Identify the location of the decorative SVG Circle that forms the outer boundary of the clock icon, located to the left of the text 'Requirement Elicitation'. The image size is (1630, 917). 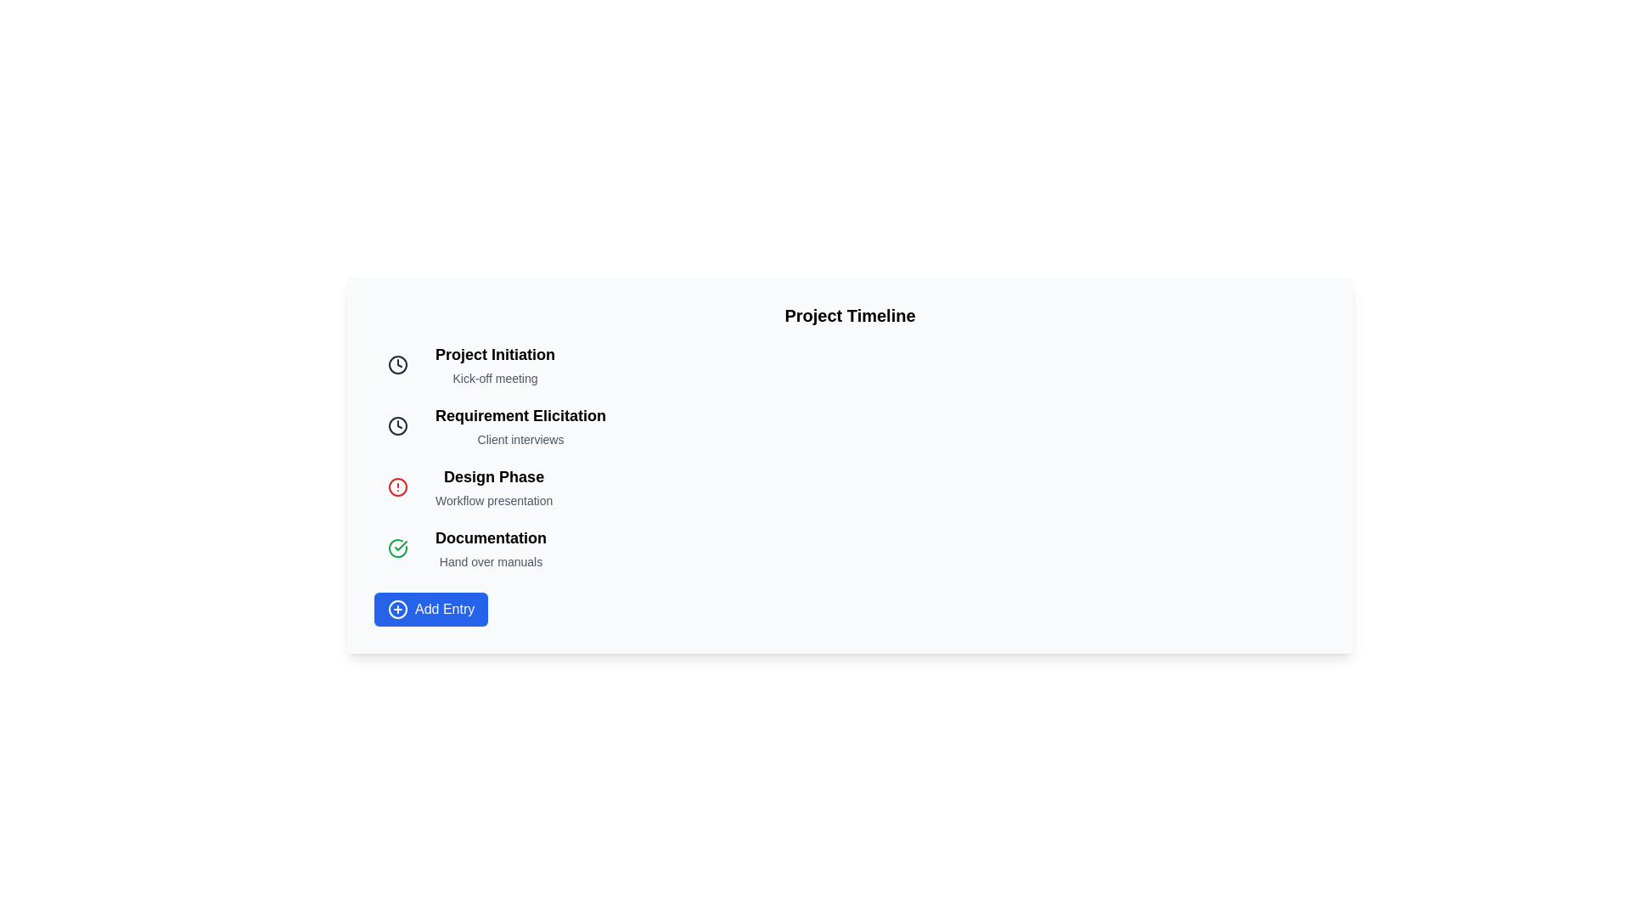
(397, 425).